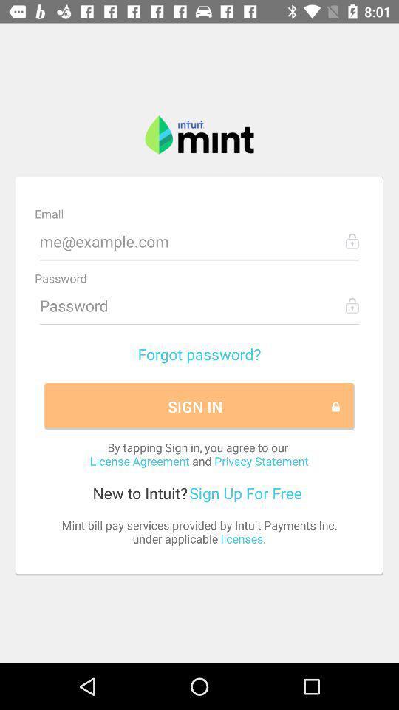 The image size is (399, 710). Describe the element at coordinates (199, 305) in the screenshot. I see `password` at that location.